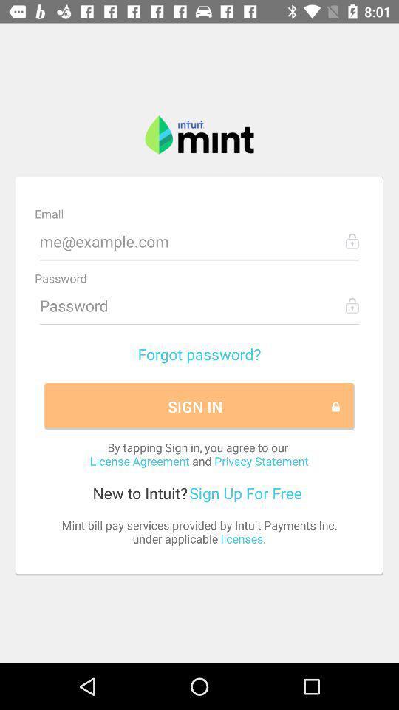 The image size is (399, 710). Describe the element at coordinates (199, 305) in the screenshot. I see `password` at that location.